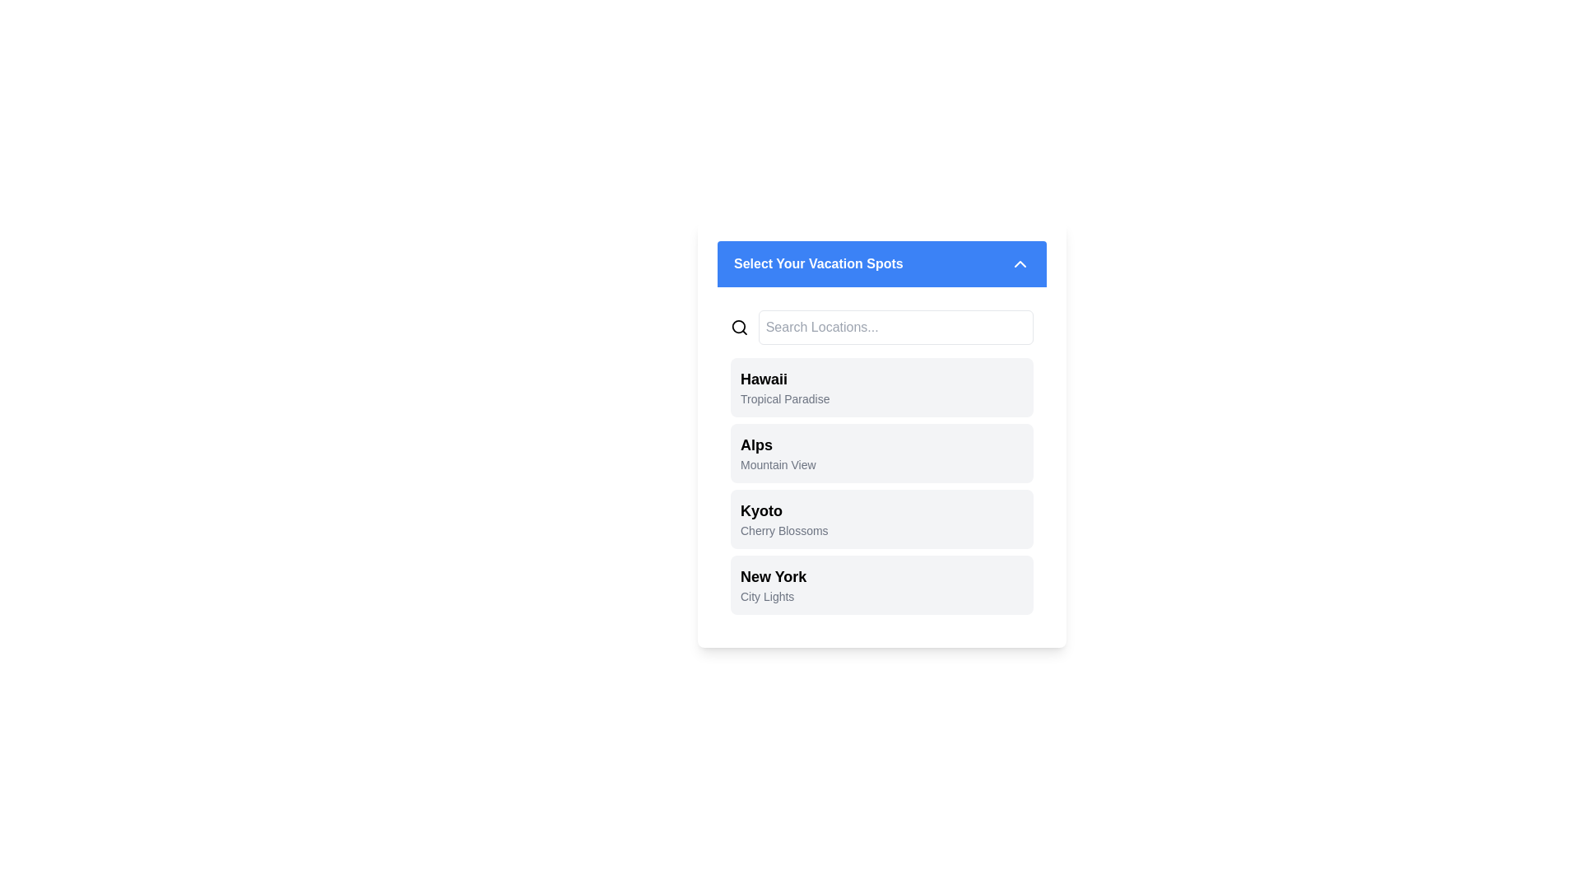  Describe the element at coordinates (777, 454) in the screenshot. I see `the textual display that shows 'Alps' and 'Mountain View', which is the second item in a vertical list of selectable items in a card-style layout` at that location.